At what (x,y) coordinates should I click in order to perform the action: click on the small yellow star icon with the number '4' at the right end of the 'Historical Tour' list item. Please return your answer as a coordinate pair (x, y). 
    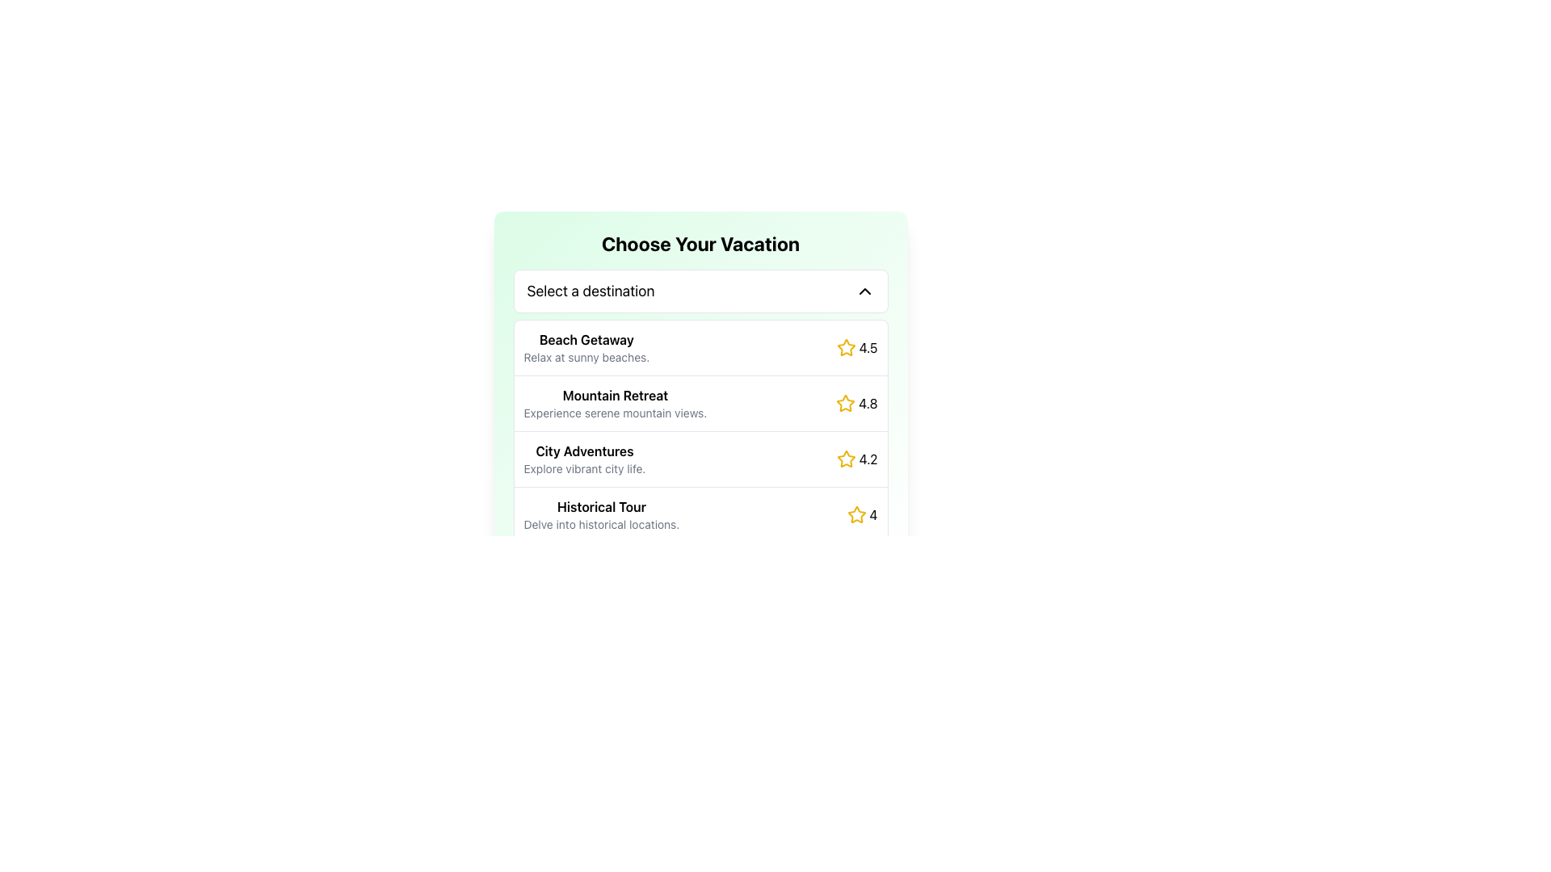
    Looking at the image, I should click on (861, 514).